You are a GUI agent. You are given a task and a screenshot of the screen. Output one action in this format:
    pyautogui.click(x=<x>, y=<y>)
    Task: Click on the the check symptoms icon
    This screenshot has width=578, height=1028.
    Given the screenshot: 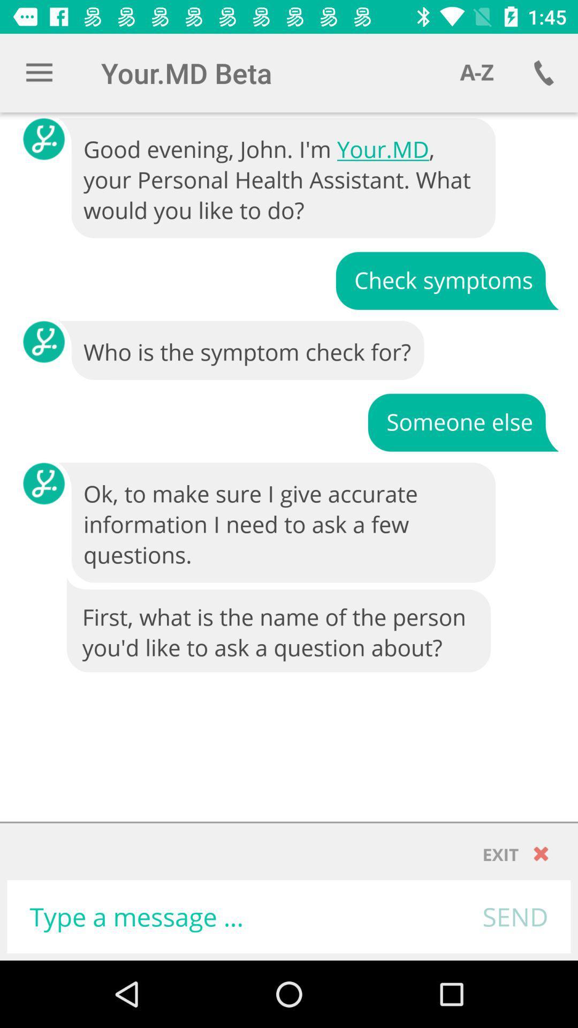 What is the action you would take?
    pyautogui.click(x=447, y=280)
    